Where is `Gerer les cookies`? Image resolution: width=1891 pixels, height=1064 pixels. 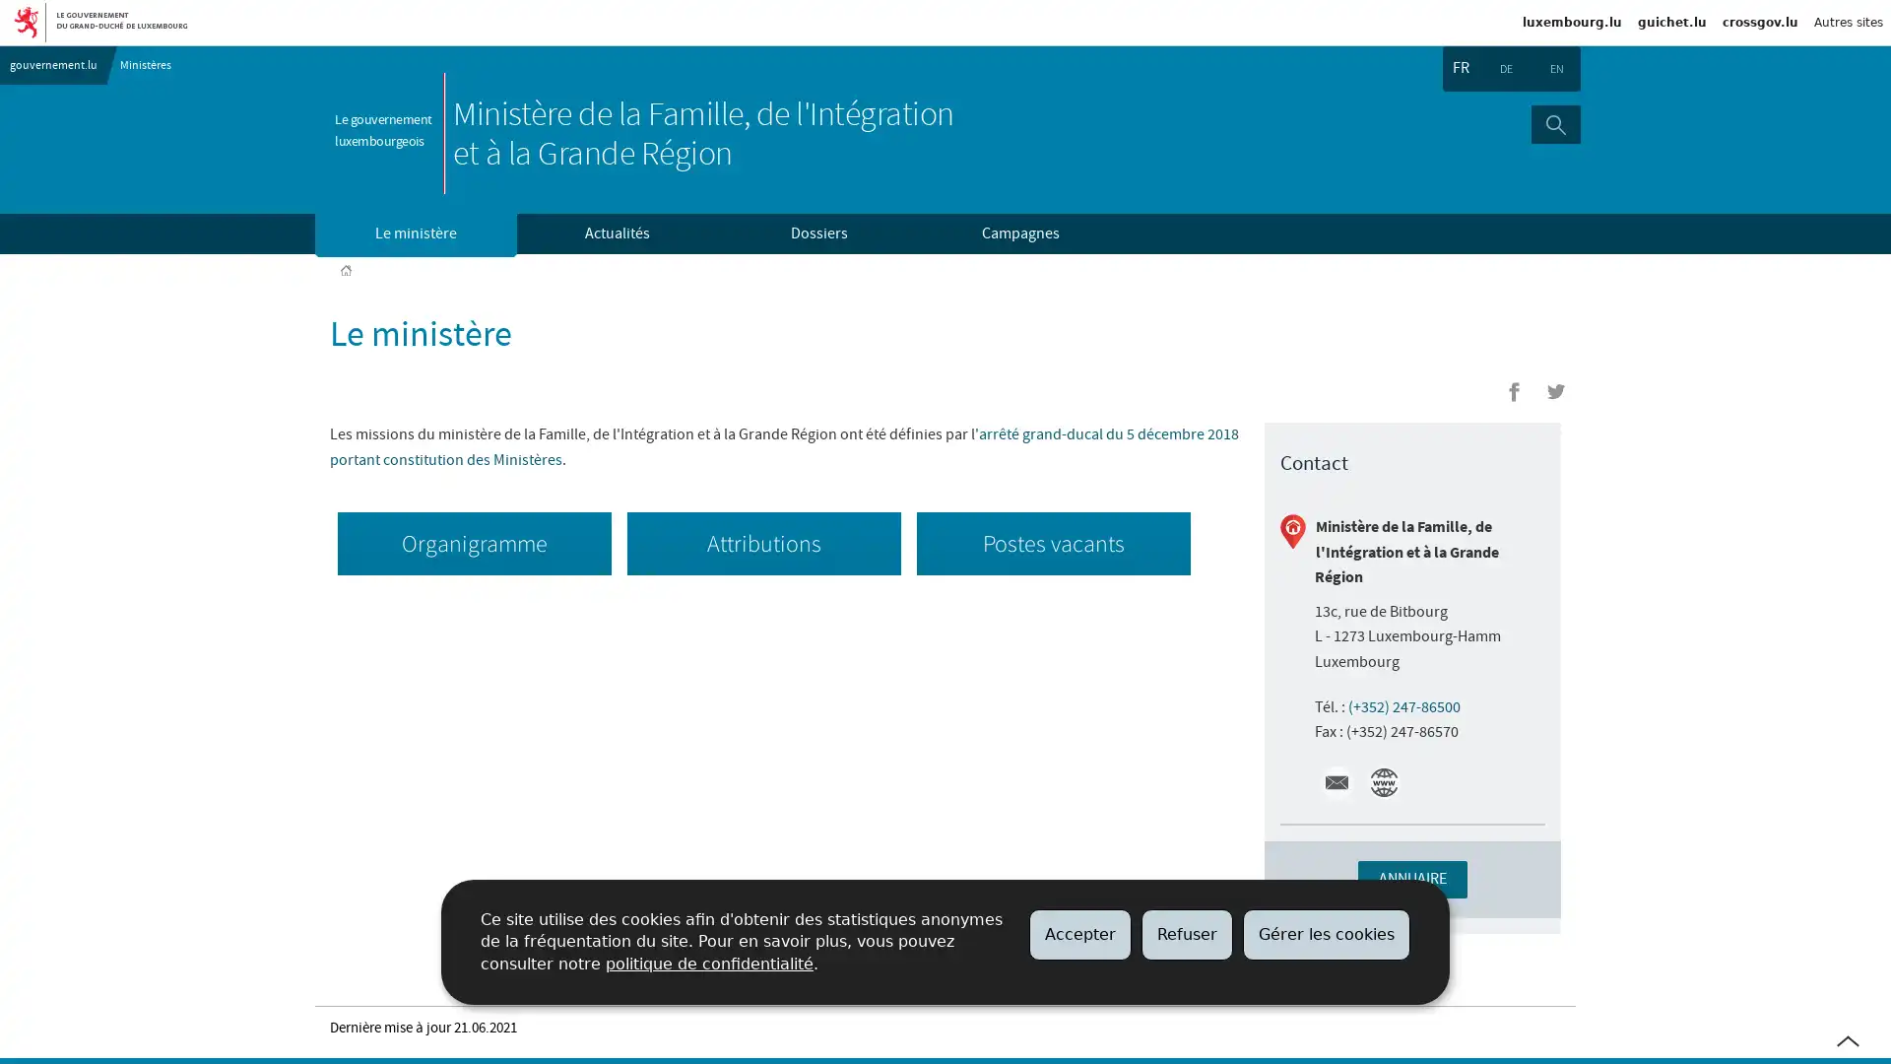 Gerer les cookies is located at coordinates (1327, 933).